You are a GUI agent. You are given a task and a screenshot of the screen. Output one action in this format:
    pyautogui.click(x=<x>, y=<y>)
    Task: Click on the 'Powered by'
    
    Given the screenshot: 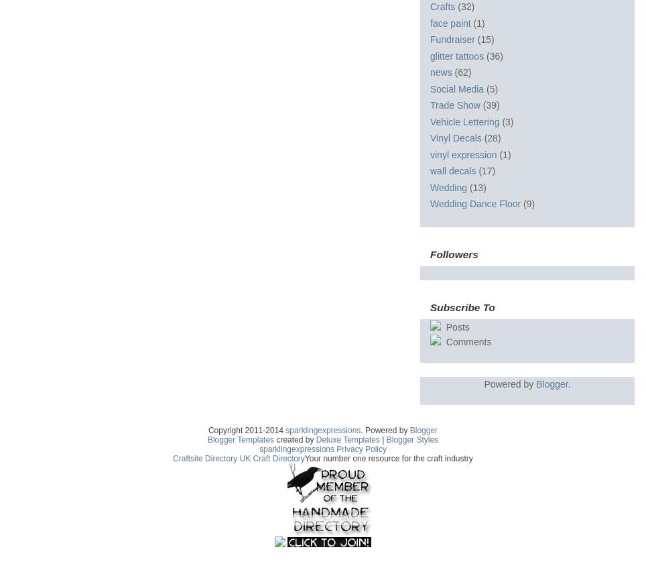 What is the action you would take?
    pyautogui.click(x=509, y=383)
    